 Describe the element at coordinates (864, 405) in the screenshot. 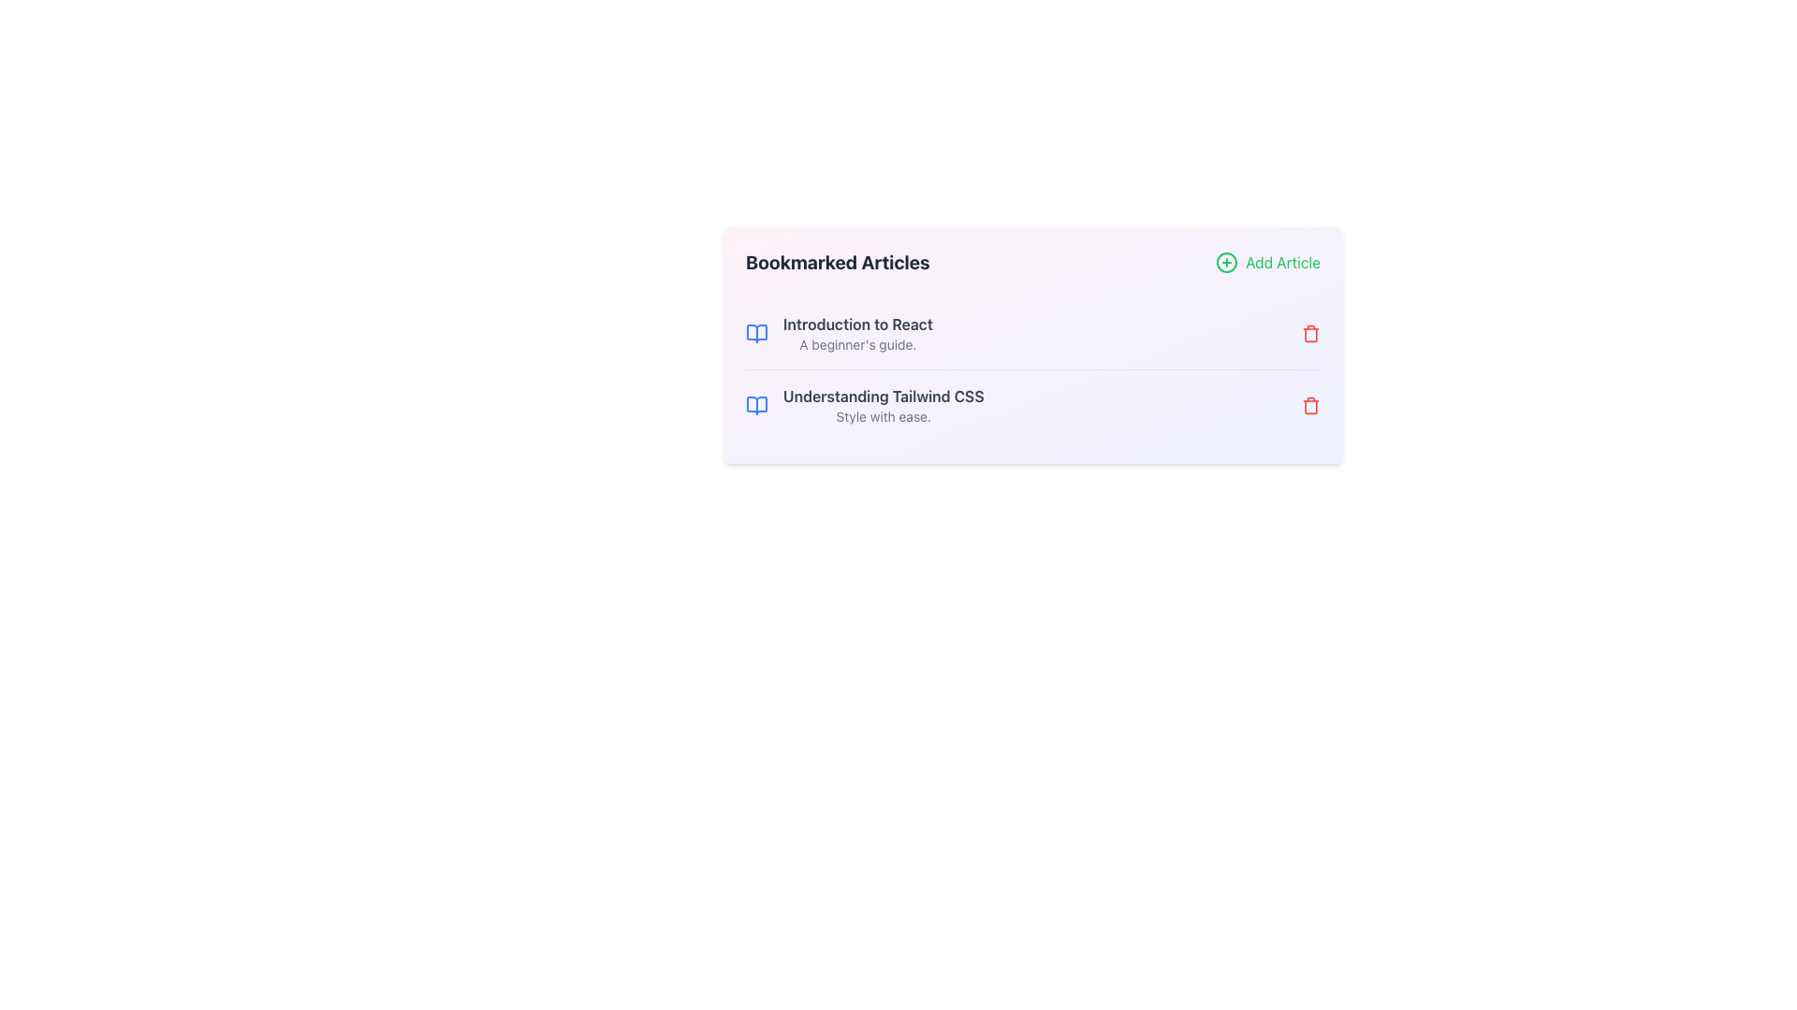

I see `the bookmarked article titled 'Understanding Tailwind CSS'` at that location.